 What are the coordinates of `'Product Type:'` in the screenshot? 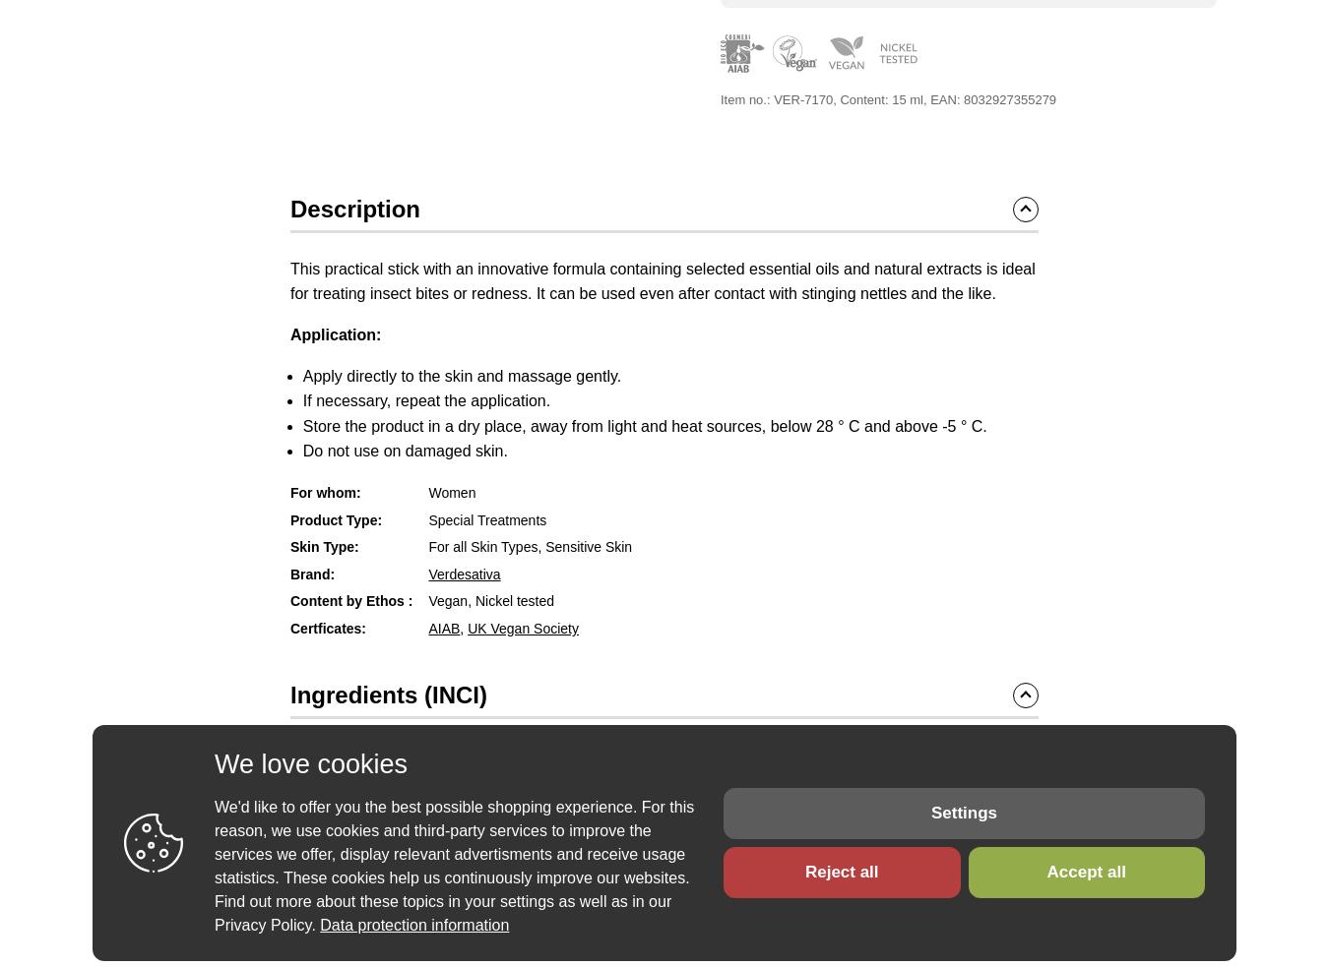 It's located at (336, 518).